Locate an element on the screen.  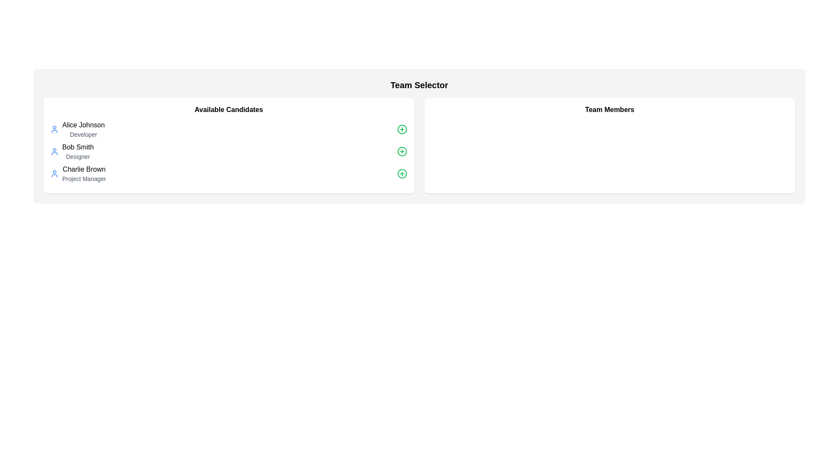
the list item displaying 'Alice Johnson' and labeled as 'Developer', which is the top entry in the 'Available Candidates' column is located at coordinates (83, 129).